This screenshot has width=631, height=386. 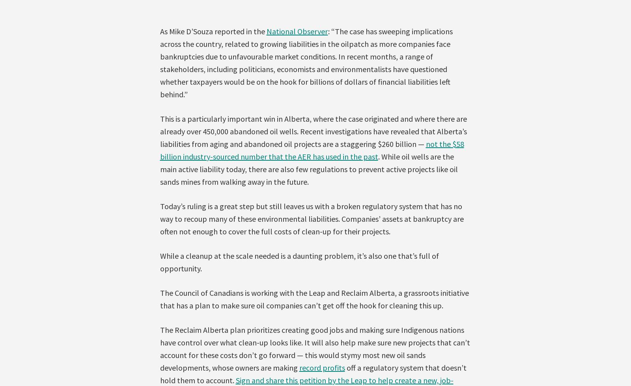 What do you see at coordinates (313, 373) in the screenshot?
I see `'off a regulatory system that doesn’t hold them to account.'` at bounding box center [313, 373].